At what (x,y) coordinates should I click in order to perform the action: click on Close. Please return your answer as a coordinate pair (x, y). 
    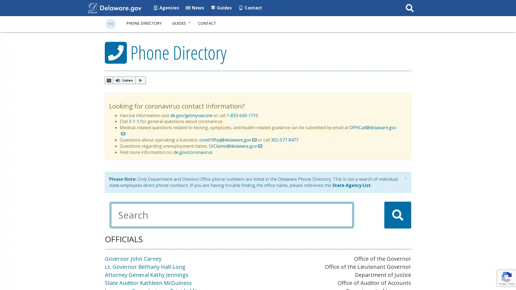
    Looking at the image, I should click on (405, 178).